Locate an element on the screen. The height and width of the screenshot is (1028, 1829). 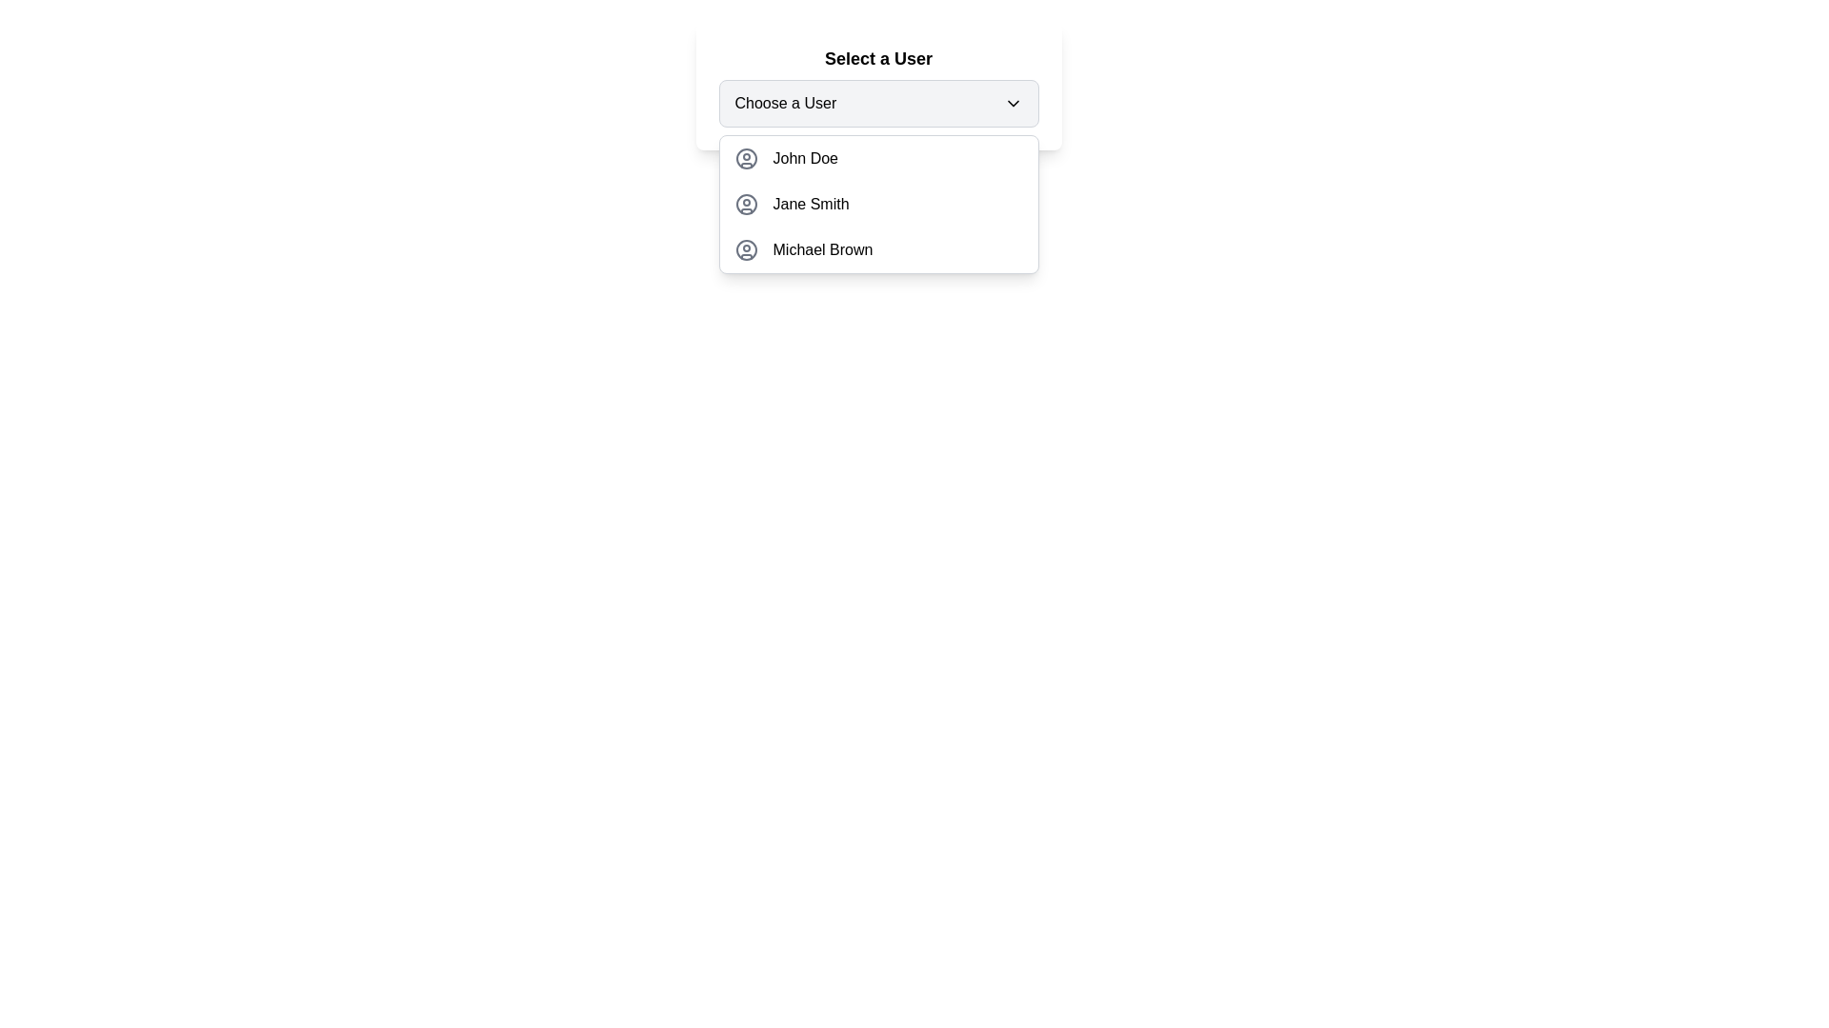
to select the user named 'Jane Smith' from the second row of the dropdown menu is located at coordinates (877, 205).